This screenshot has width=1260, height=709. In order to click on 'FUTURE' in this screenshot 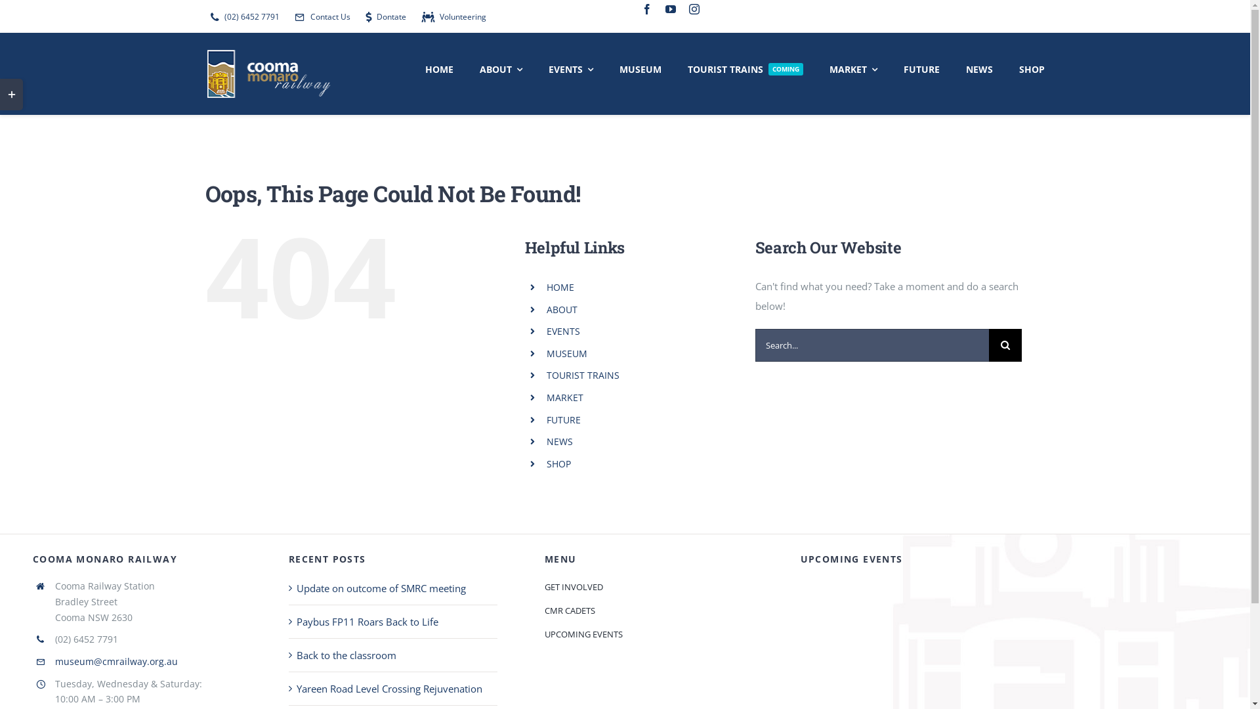, I will do `click(564, 419)`.